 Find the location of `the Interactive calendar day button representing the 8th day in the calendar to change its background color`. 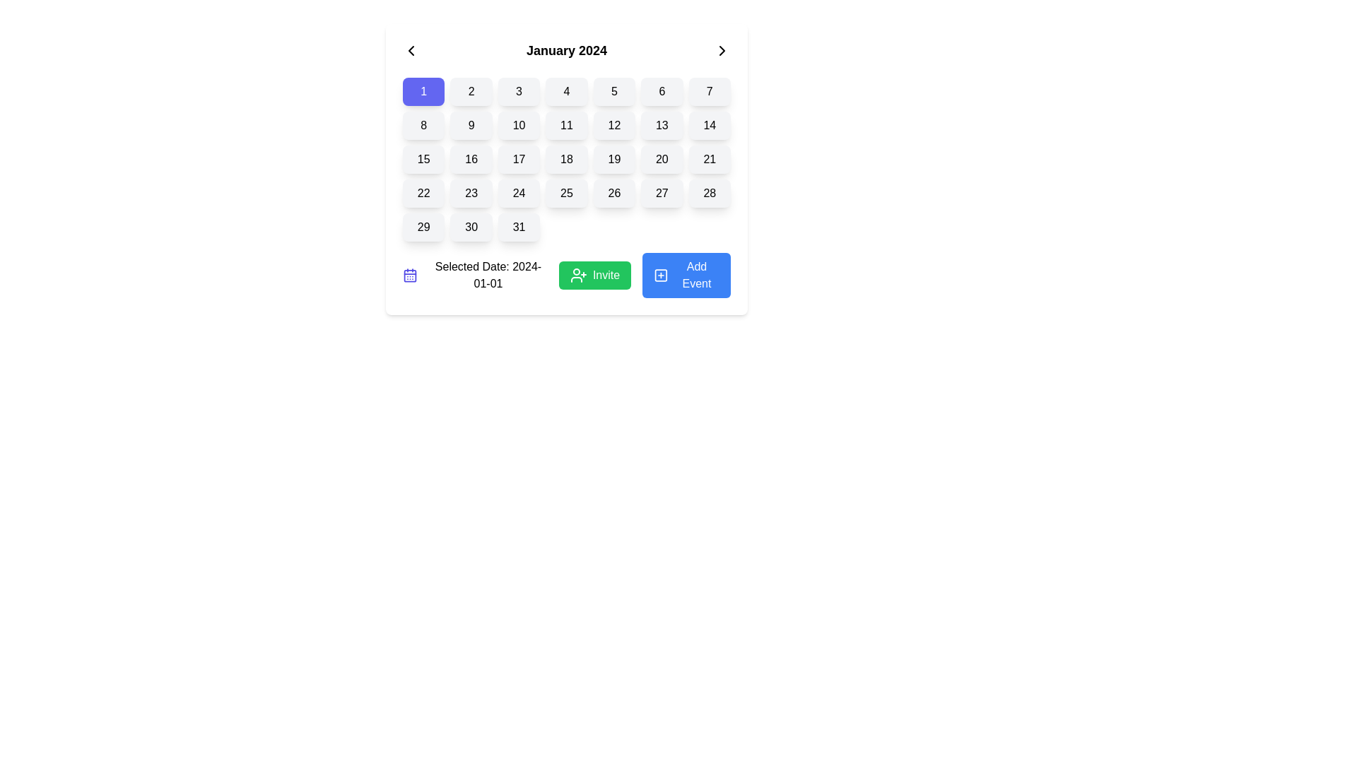

the Interactive calendar day button representing the 8th day in the calendar to change its background color is located at coordinates (423, 124).